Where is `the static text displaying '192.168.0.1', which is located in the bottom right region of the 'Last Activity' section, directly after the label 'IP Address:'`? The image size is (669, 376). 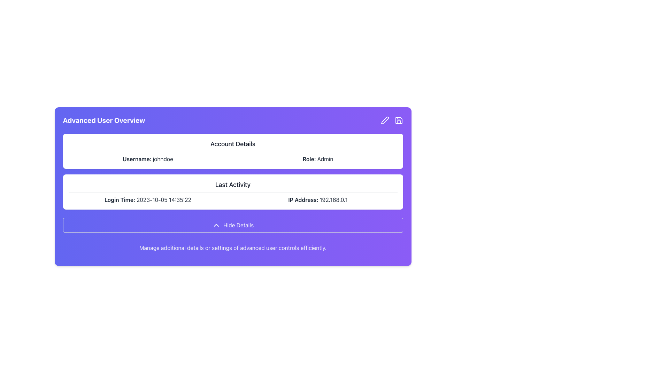 the static text displaying '192.168.0.1', which is located in the bottom right region of the 'Last Activity' section, directly after the label 'IP Address:' is located at coordinates (333, 200).